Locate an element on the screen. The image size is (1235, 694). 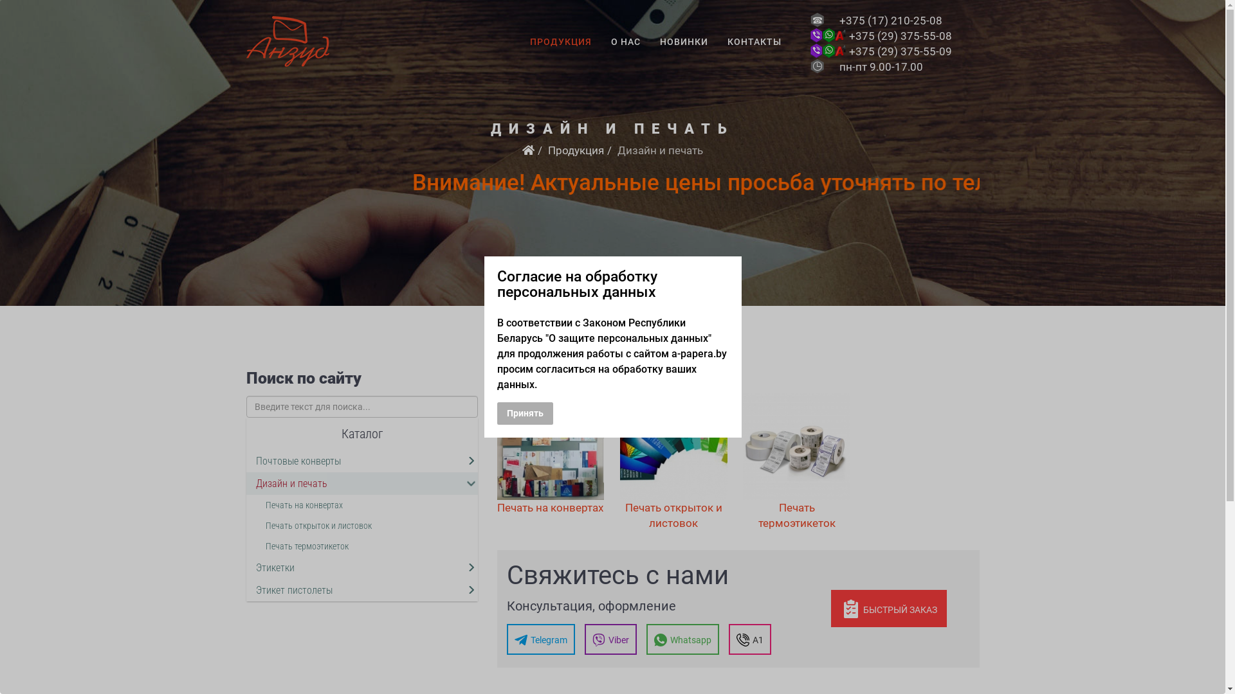
'+375 (29) 375-55-08' is located at coordinates (900, 35).